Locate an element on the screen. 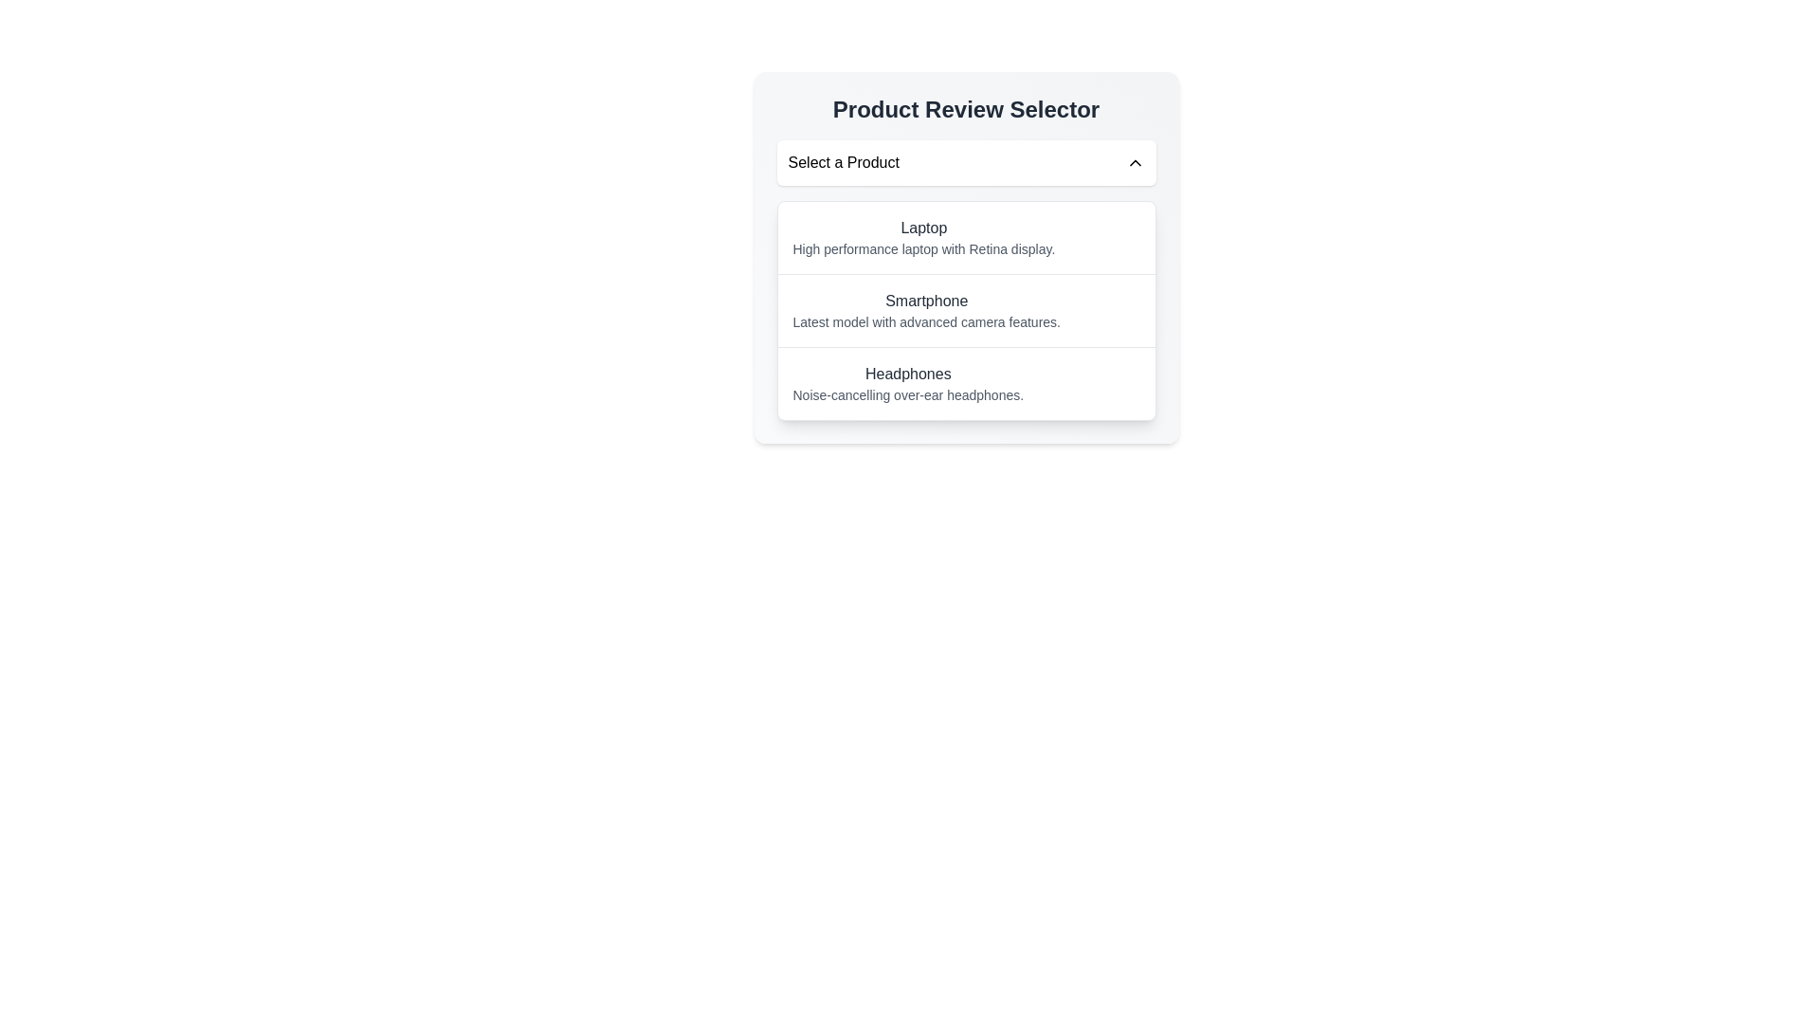  the Text Label that identifies the product category as 'Smartphone', which is positioned above the descriptive text block in the product review selector interface is located at coordinates (926, 300).